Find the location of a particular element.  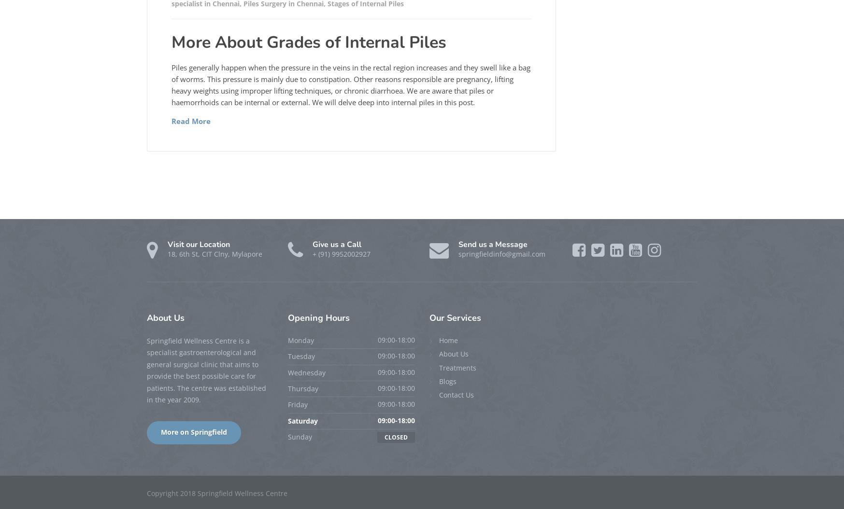

'About' is located at coordinates (159, 317).